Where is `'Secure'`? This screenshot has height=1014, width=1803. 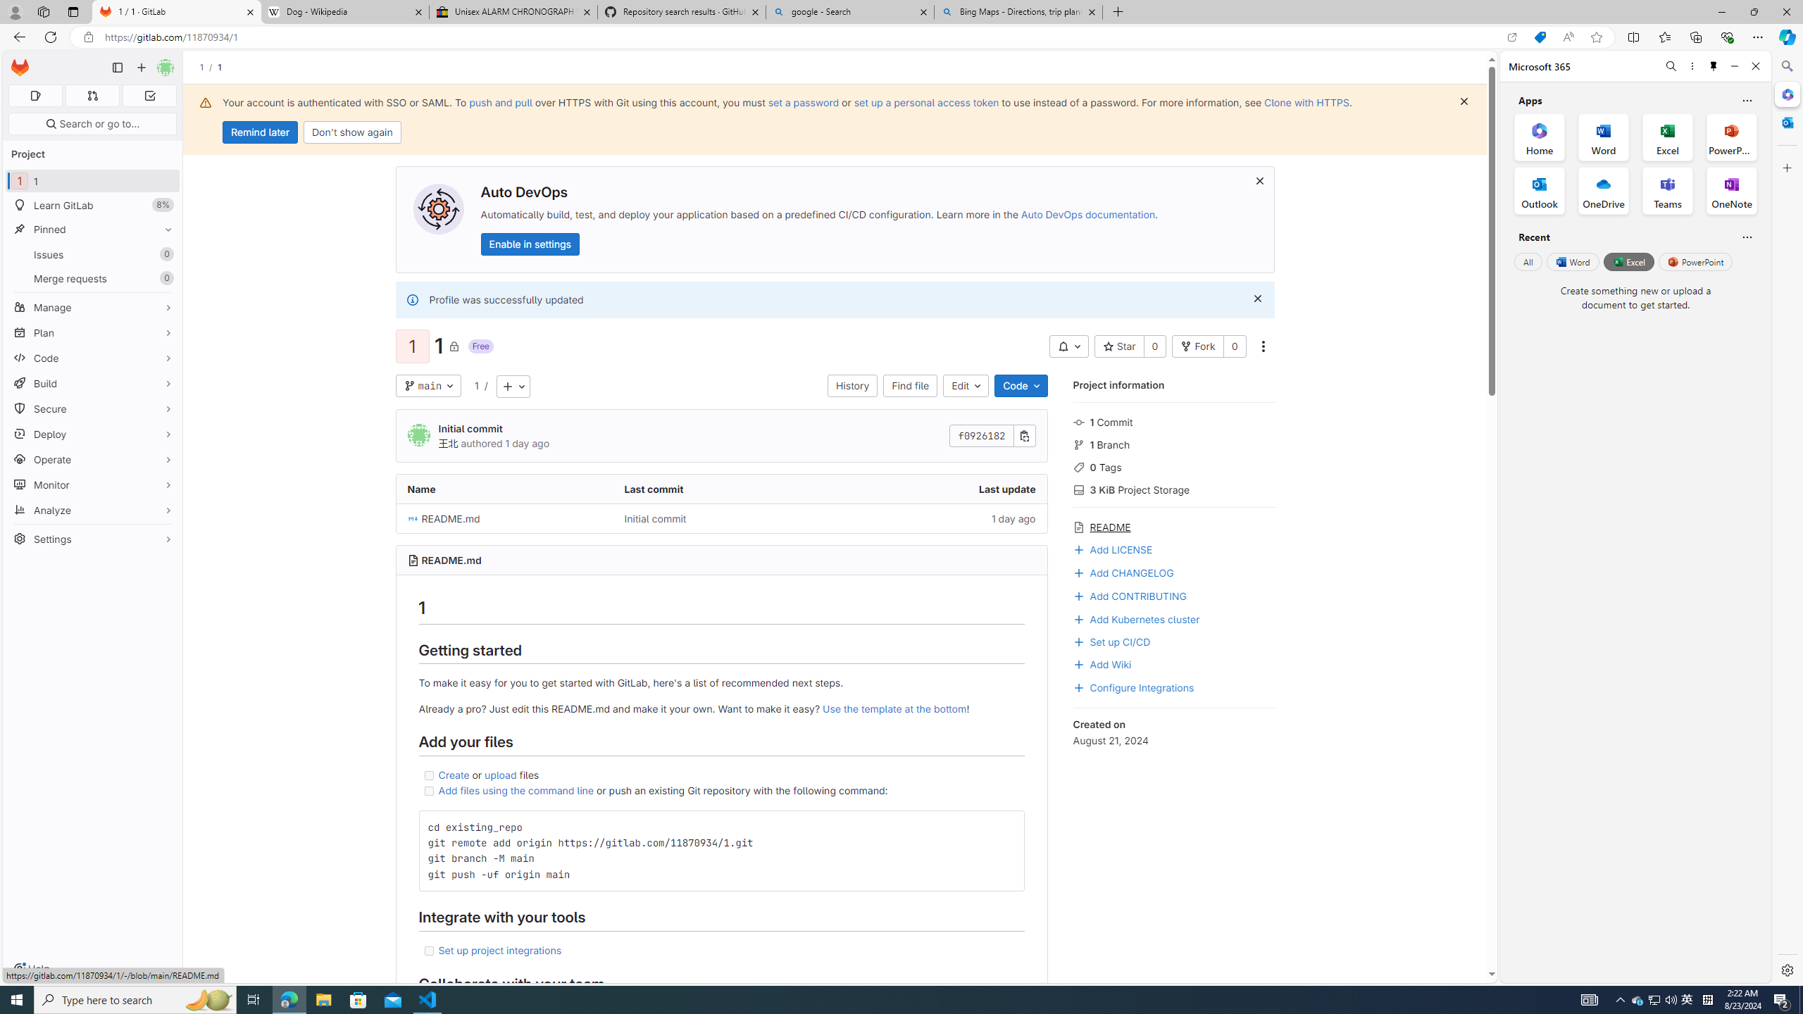 'Secure' is located at coordinates (92, 409).